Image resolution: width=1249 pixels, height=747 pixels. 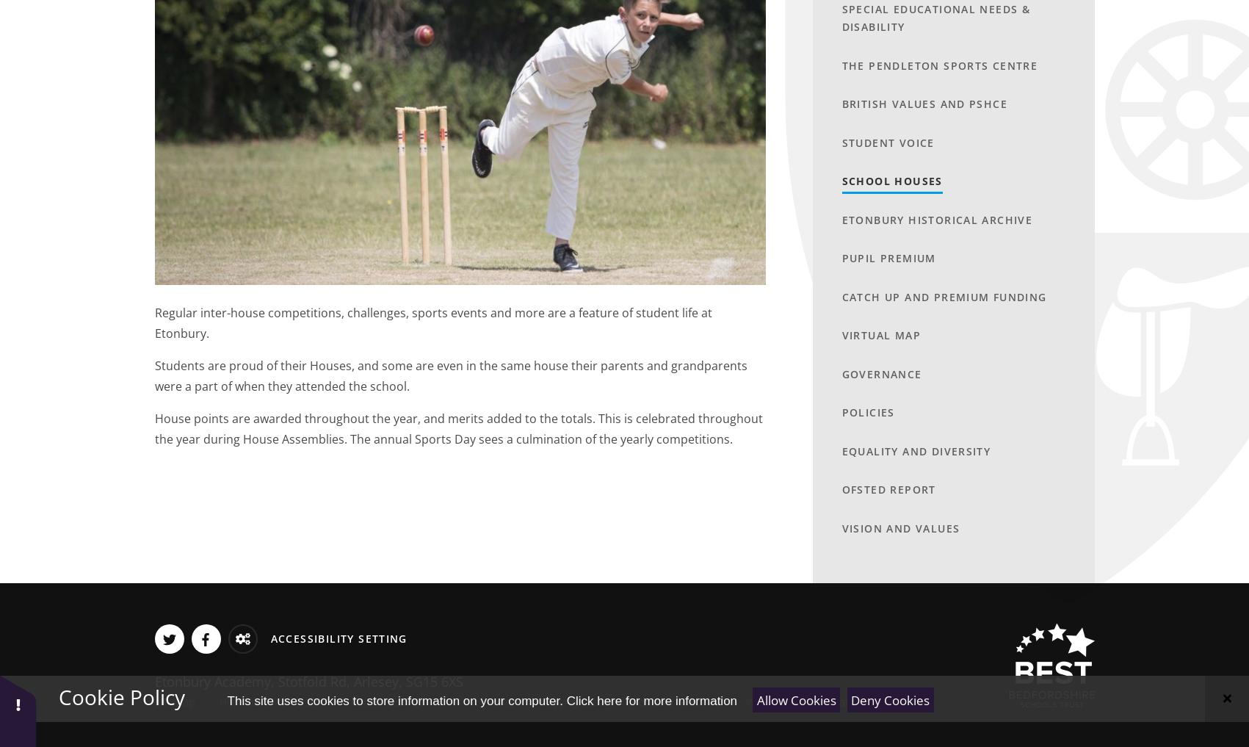 I want to click on 'Regular inter-house competitions, challenges, sports events and more are a feature of student life at Etonbury.', so click(x=432, y=322).